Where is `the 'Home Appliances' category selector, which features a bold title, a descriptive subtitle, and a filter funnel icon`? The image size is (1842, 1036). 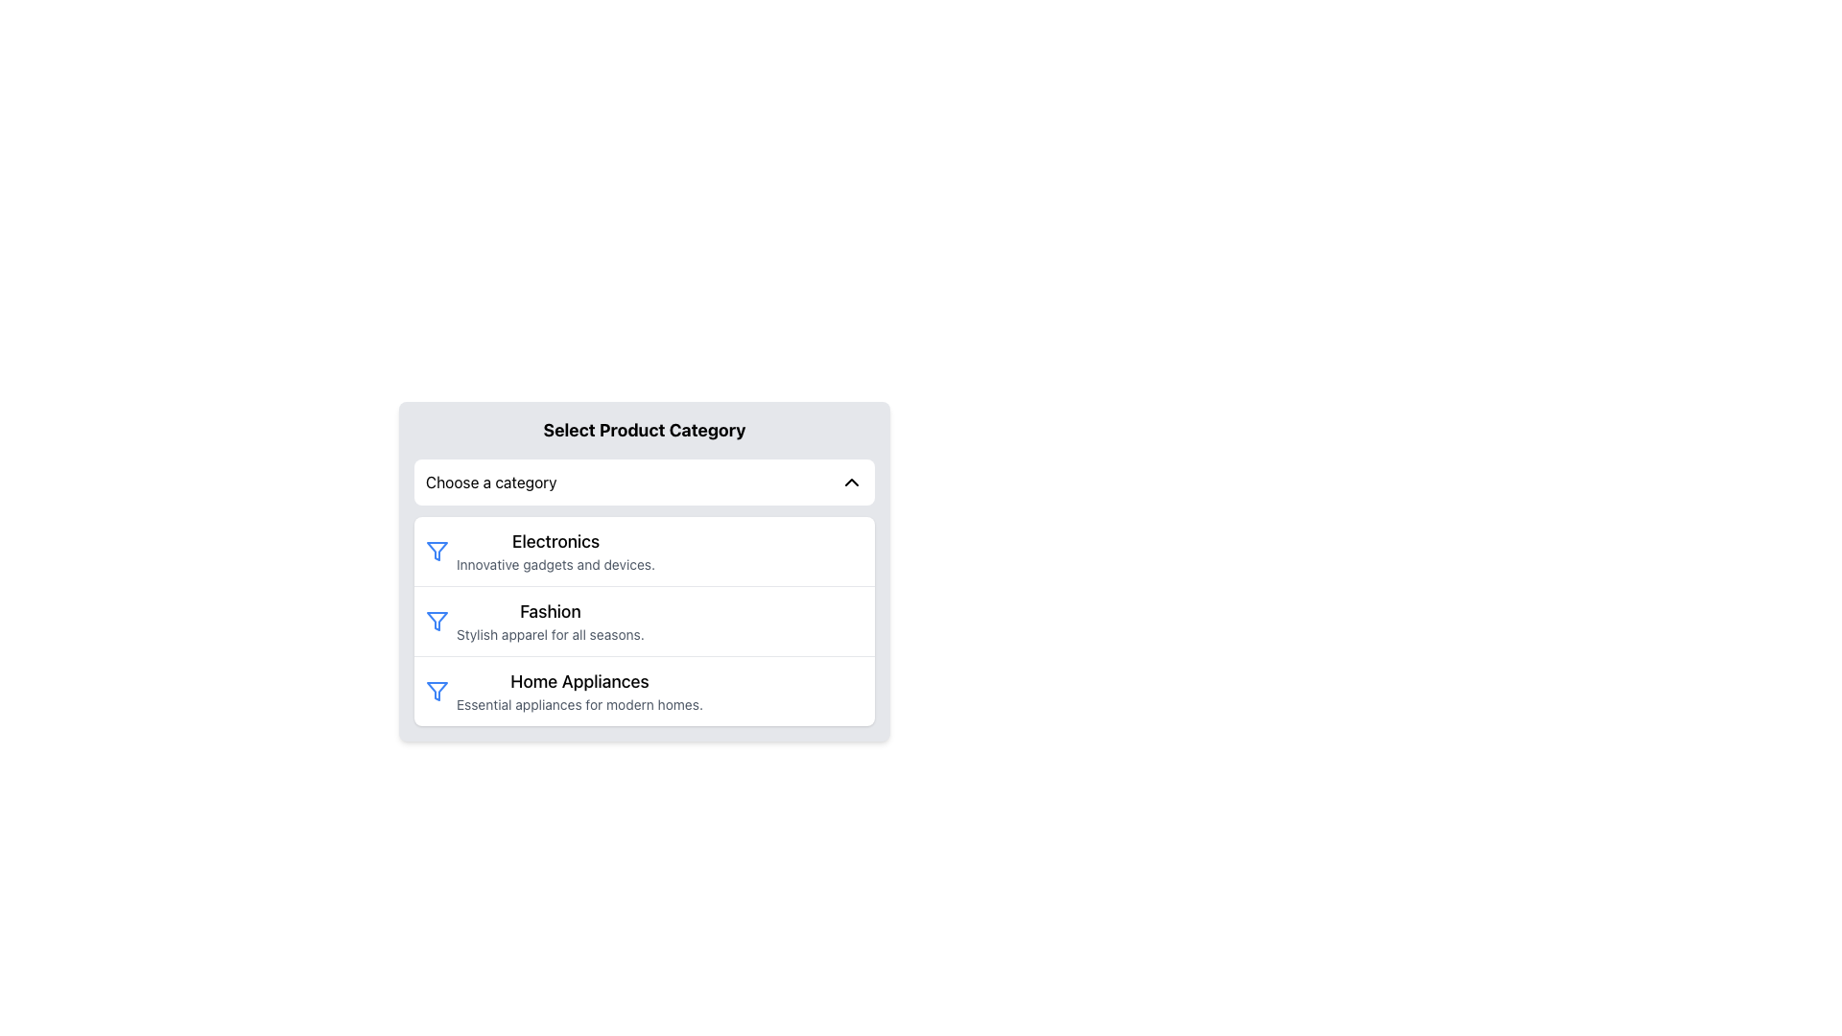
the 'Home Appliances' category selector, which features a bold title, a descriptive subtitle, and a filter funnel icon is located at coordinates (645, 692).